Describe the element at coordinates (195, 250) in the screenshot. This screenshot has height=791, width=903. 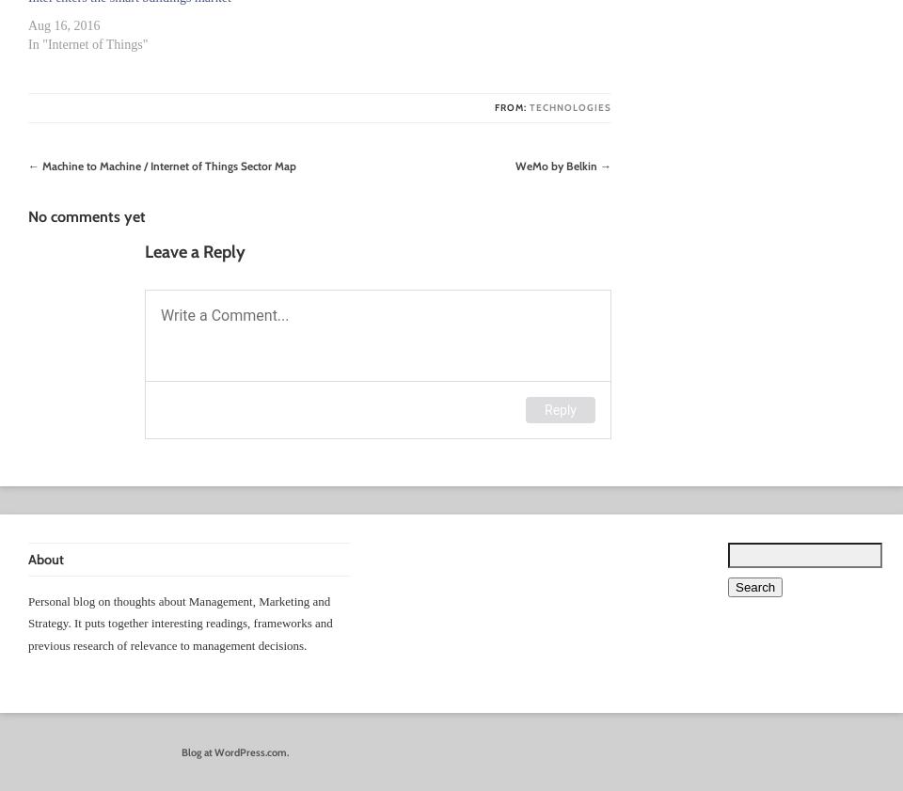
I see `'Leave a Reply'` at that location.